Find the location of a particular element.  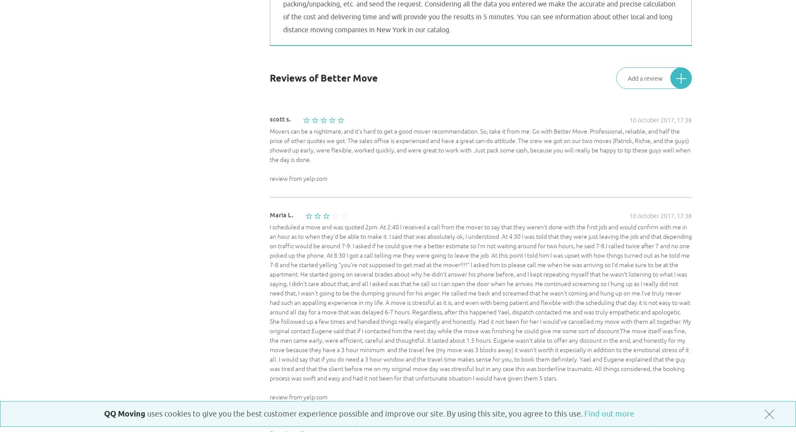

'Reviews of Better Move' is located at coordinates (324, 78).